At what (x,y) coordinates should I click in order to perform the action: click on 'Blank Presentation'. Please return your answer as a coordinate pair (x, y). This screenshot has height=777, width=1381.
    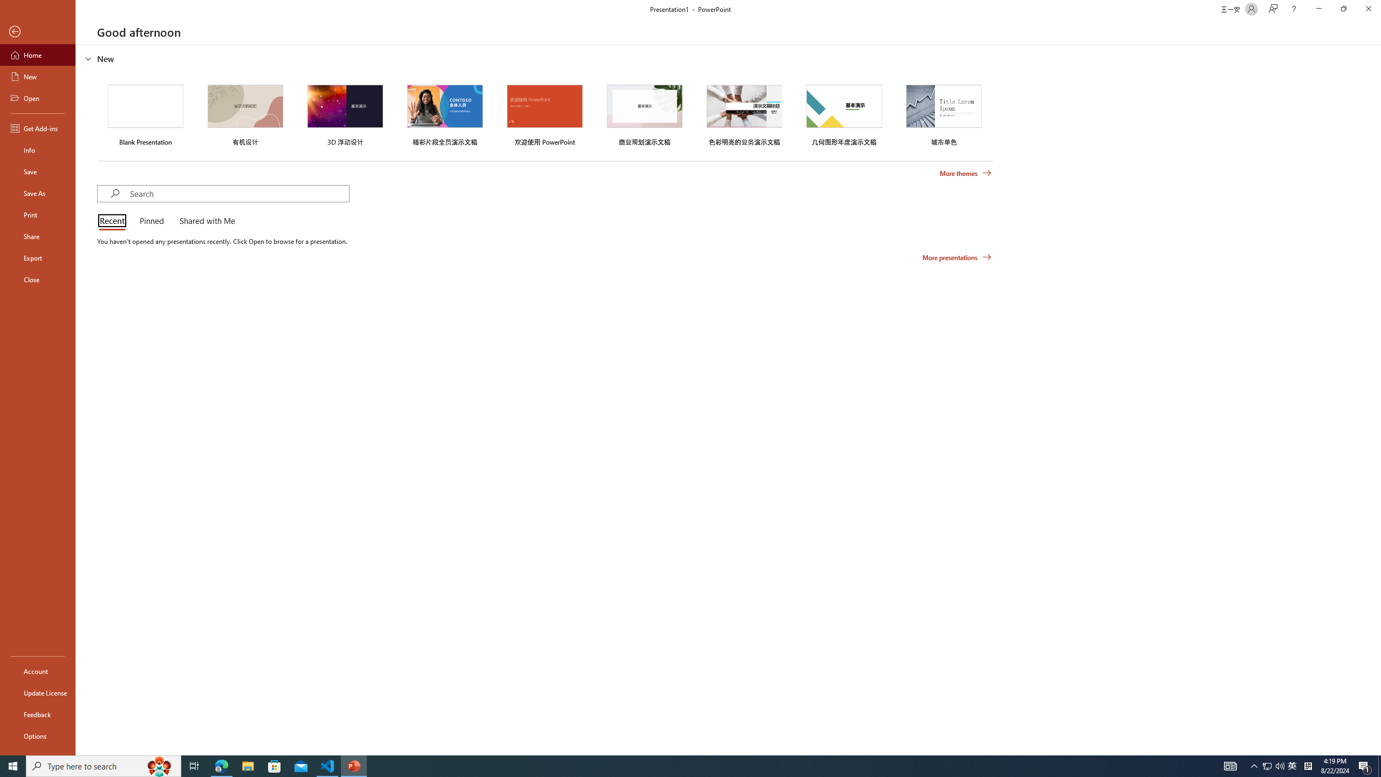
    Looking at the image, I should click on (145, 113).